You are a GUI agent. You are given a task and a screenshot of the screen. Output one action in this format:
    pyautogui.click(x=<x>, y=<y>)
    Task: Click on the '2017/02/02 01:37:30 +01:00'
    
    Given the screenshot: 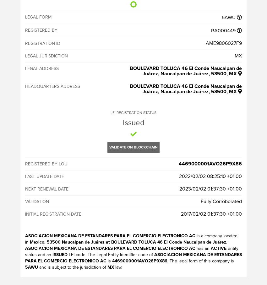 What is the action you would take?
    pyautogui.click(x=181, y=214)
    